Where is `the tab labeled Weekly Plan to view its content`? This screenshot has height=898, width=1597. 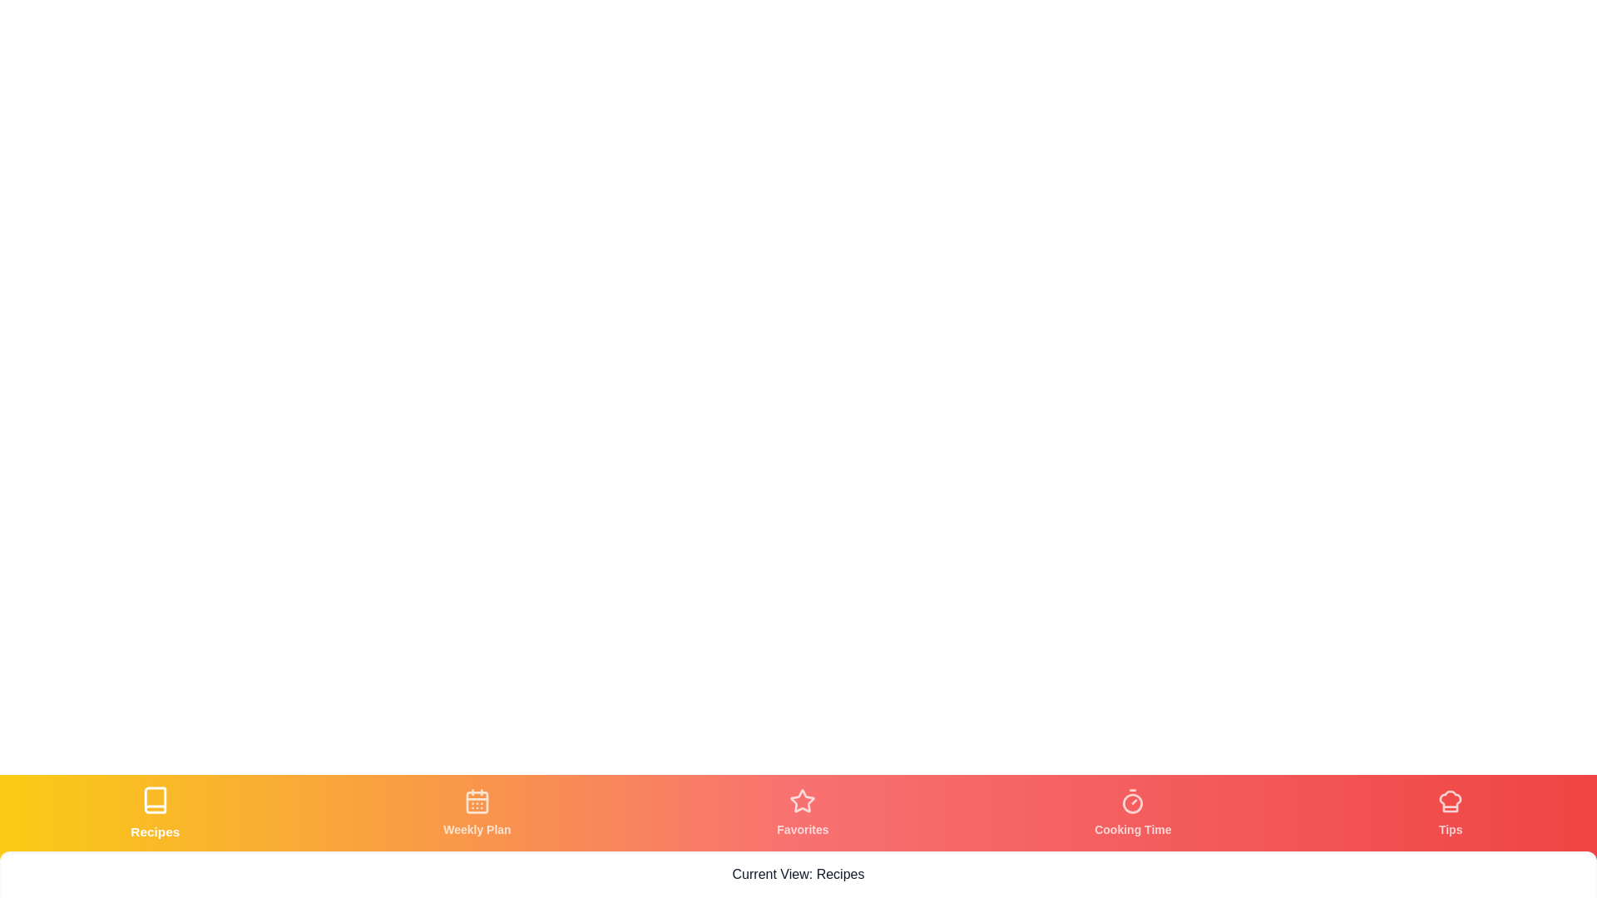 the tab labeled Weekly Plan to view its content is located at coordinates (475, 812).